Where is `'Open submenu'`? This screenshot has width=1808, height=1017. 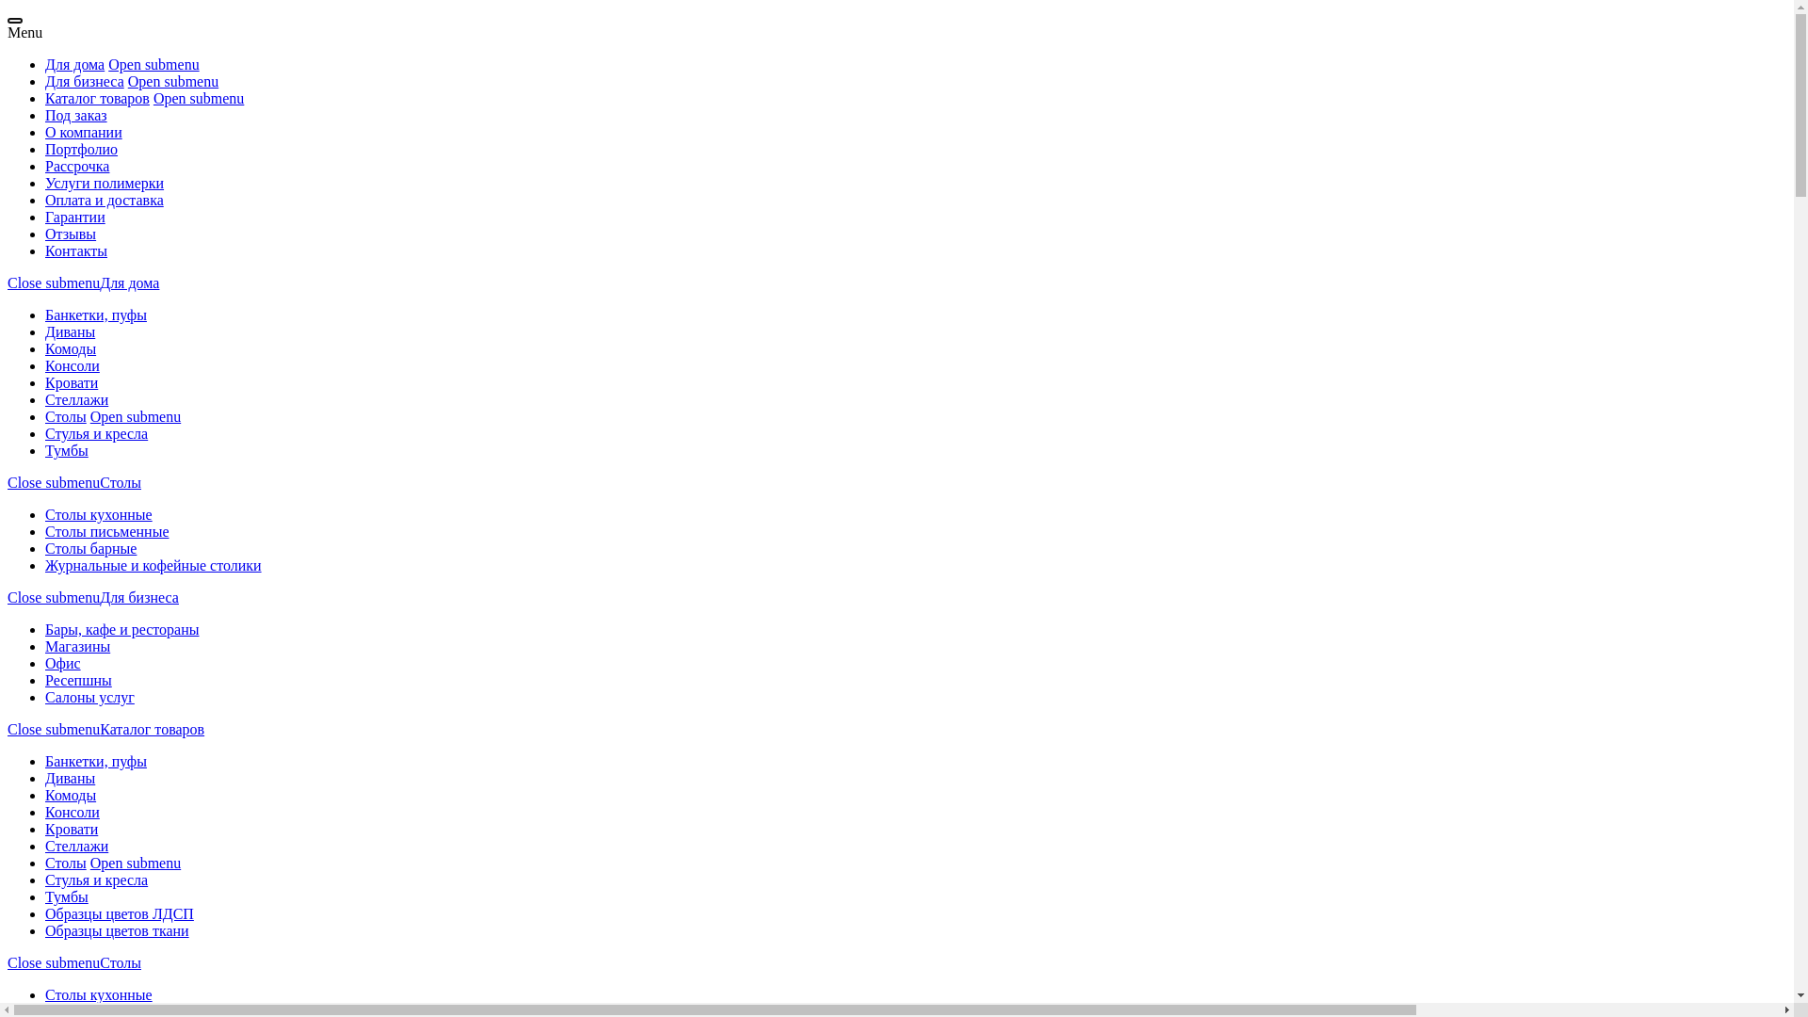 'Open submenu' is located at coordinates (89, 863).